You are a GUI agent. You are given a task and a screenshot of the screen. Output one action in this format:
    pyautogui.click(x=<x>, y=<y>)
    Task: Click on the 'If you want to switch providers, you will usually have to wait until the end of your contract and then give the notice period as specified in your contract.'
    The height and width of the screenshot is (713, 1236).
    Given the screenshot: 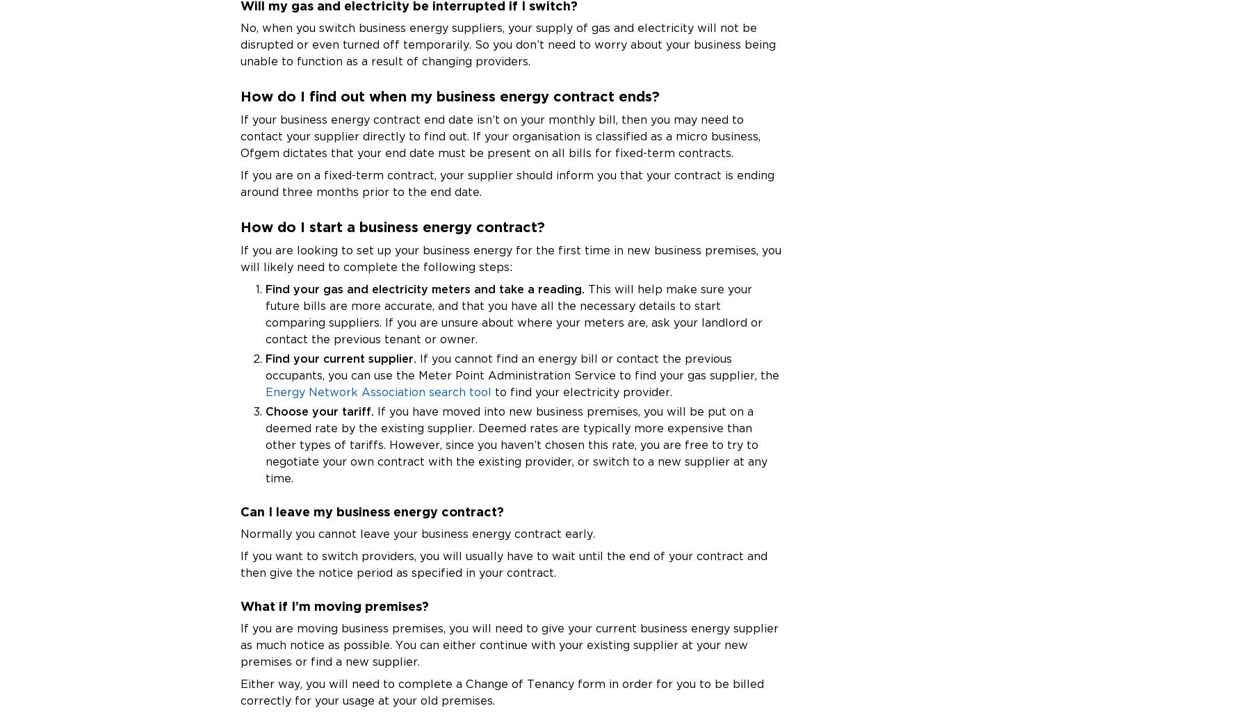 What is the action you would take?
    pyautogui.click(x=239, y=563)
    